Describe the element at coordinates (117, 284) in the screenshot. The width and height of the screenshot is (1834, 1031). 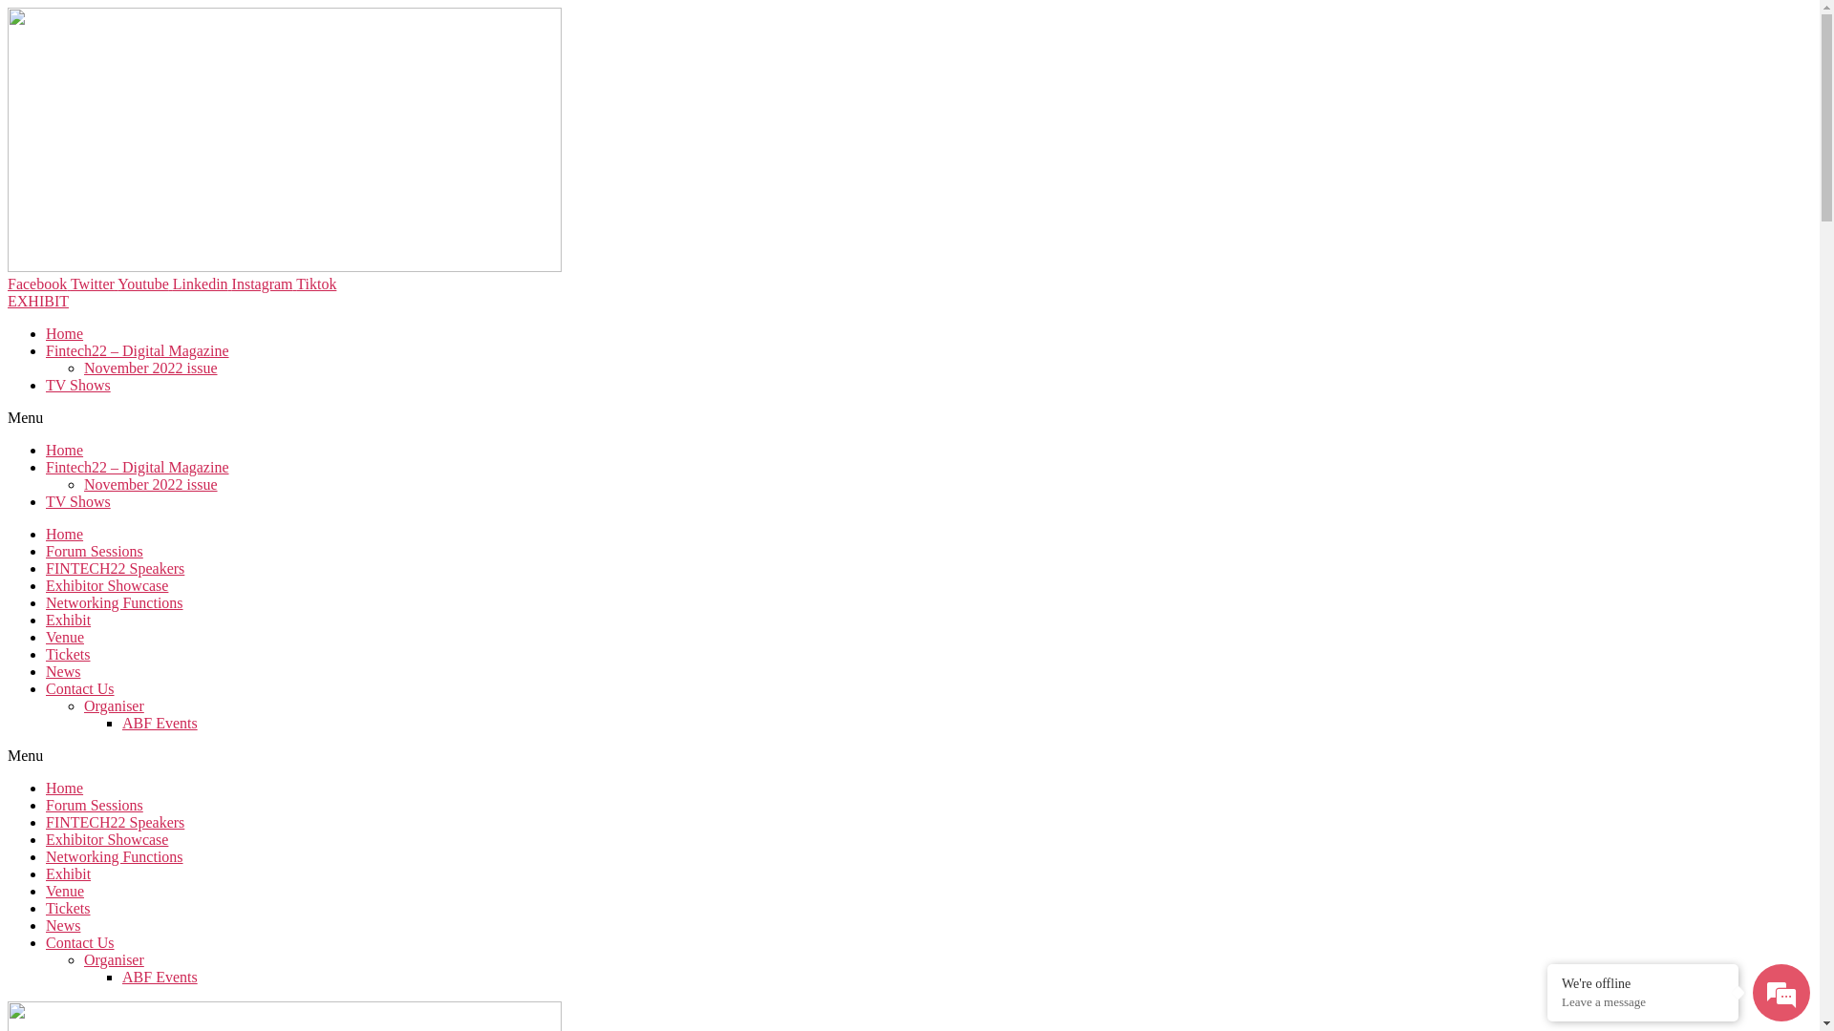
I see `'Youtube'` at that location.